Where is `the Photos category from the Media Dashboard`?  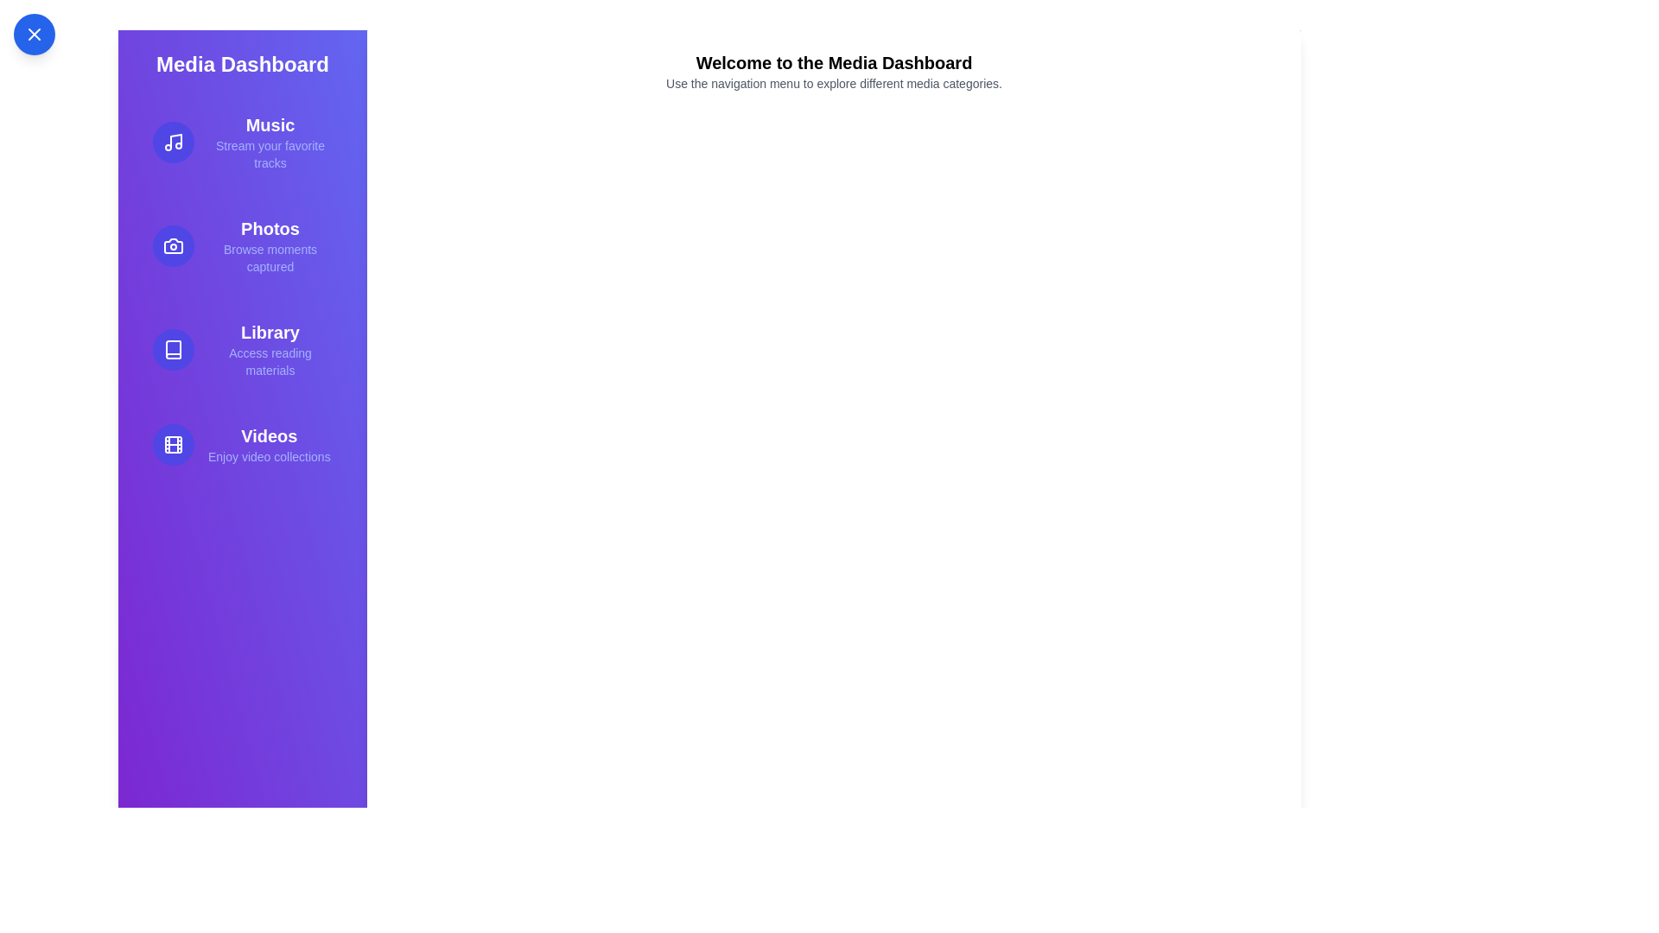 the Photos category from the Media Dashboard is located at coordinates (242, 246).